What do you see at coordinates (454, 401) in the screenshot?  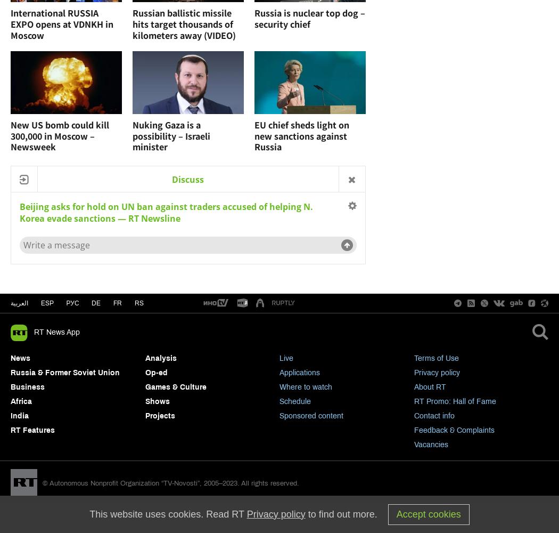 I see `'RT Promo: Hall of Fame'` at bounding box center [454, 401].